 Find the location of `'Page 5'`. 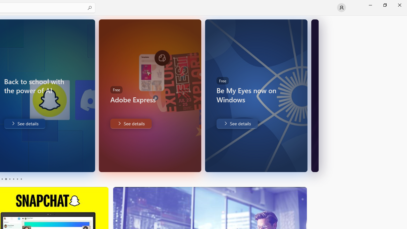

'Page 5' is located at coordinates (17, 179).